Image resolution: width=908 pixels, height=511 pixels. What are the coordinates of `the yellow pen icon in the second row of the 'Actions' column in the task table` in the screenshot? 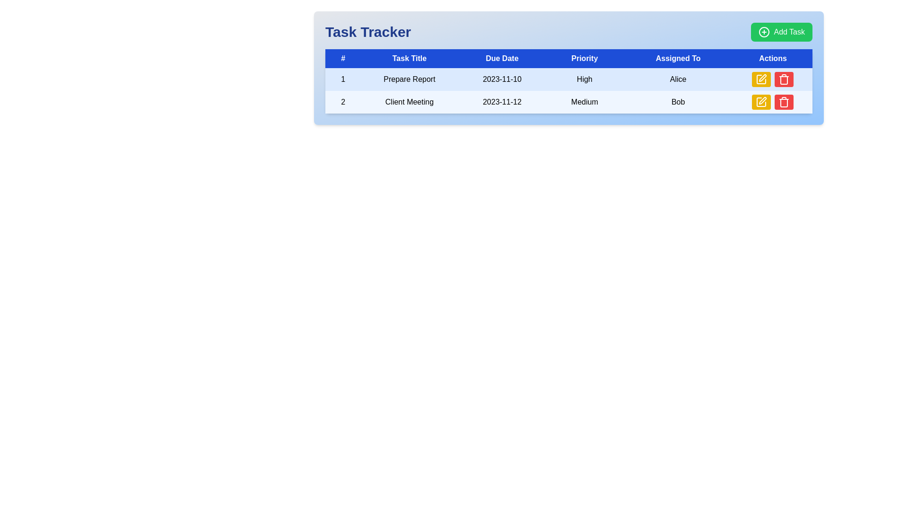 It's located at (761, 79).